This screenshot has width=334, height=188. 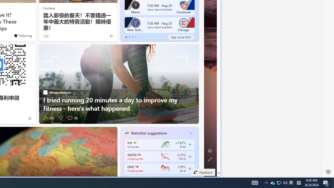 I want to click on 'Edit Background', so click(x=210, y=151).